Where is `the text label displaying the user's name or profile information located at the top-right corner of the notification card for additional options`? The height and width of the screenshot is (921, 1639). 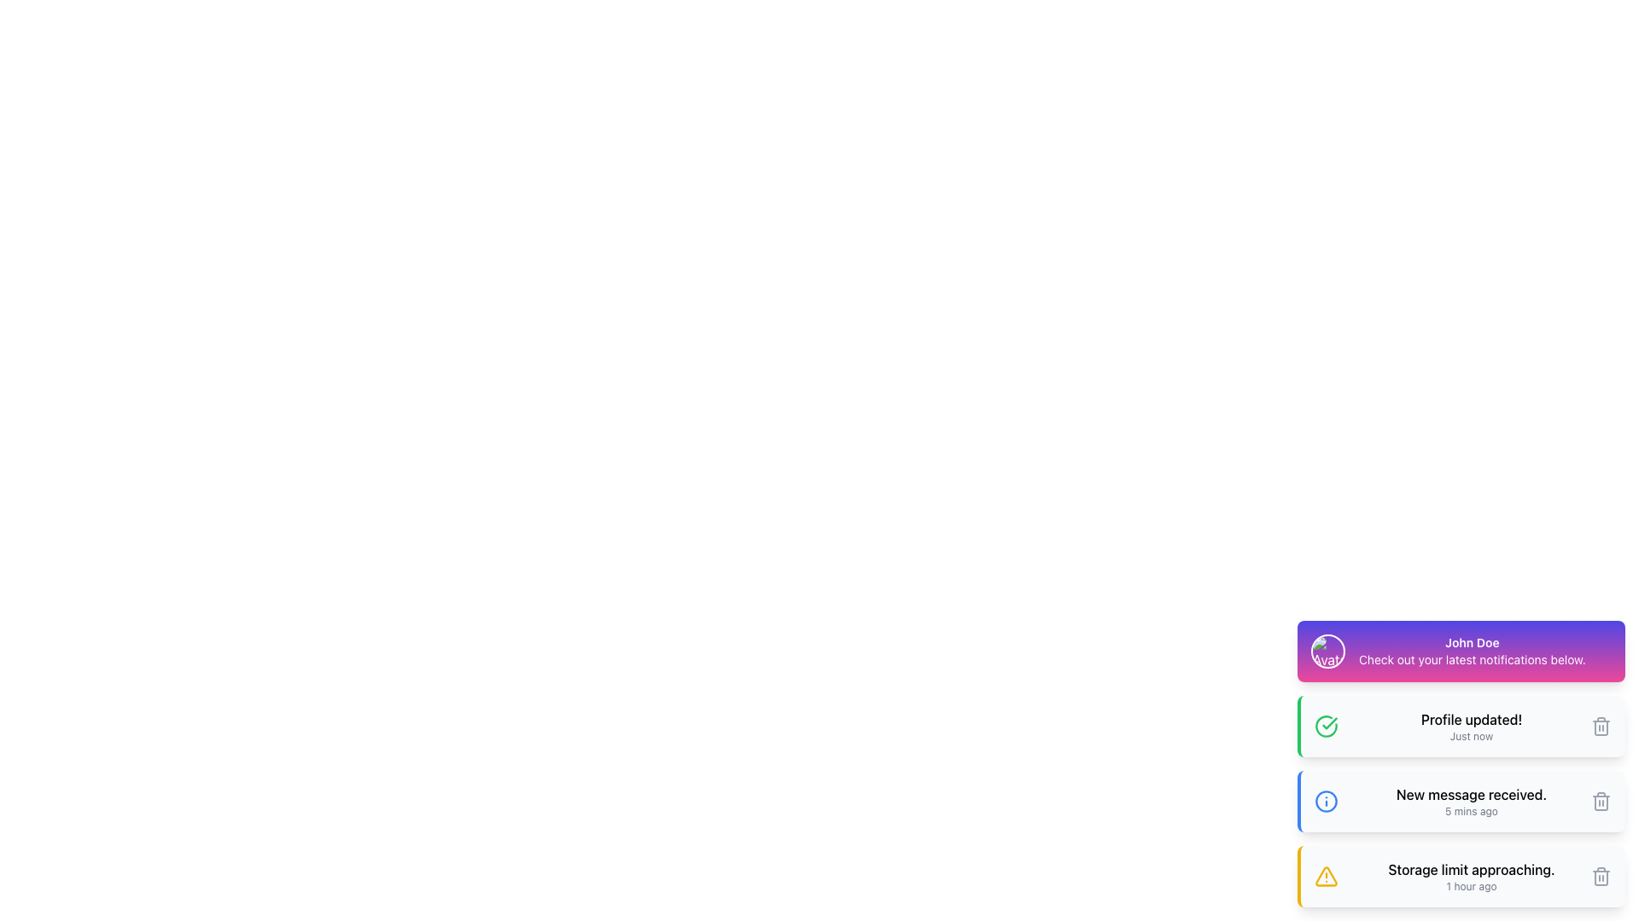 the text label displaying the user's name or profile information located at the top-right corner of the notification card for additional options is located at coordinates (1471, 642).